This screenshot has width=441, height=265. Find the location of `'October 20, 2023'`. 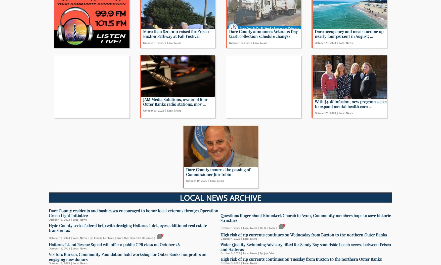

'October 20, 2023' is located at coordinates (325, 112).